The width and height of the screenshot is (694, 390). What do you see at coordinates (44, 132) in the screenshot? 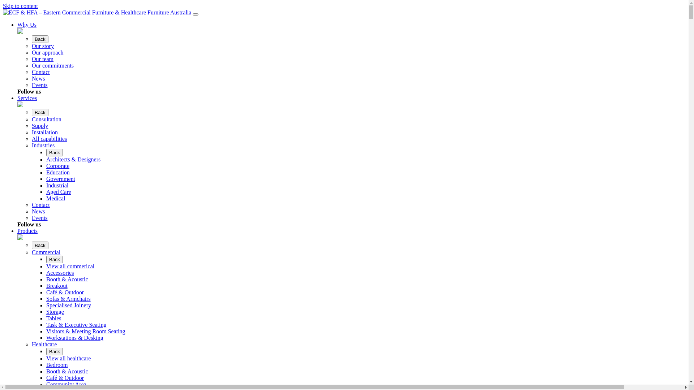
I see `'Installation'` at bounding box center [44, 132].